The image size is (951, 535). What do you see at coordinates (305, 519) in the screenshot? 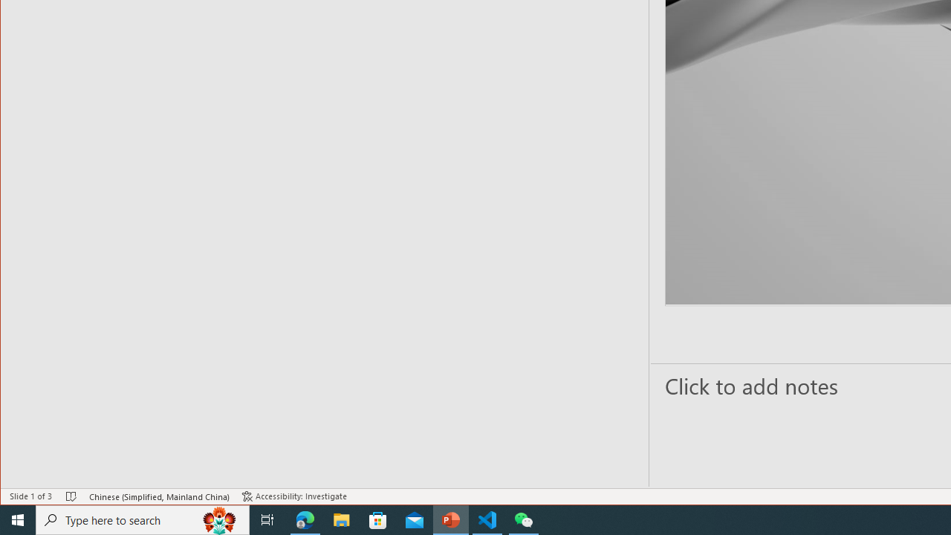
I see `'Microsoft Edge - 1 running window'` at bounding box center [305, 519].